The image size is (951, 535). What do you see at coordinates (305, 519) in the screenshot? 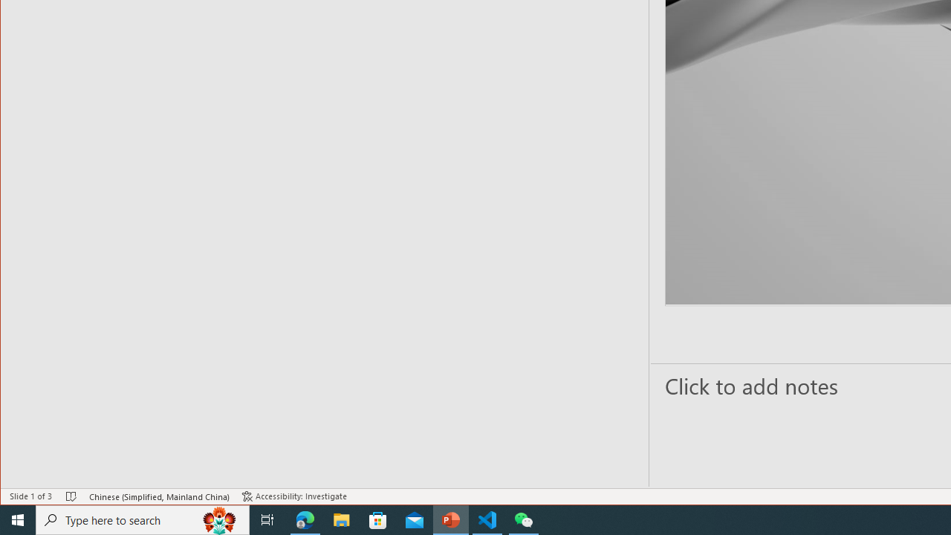
I see `'Microsoft Edge - 1 running window'` at bounding box center [305, 519].